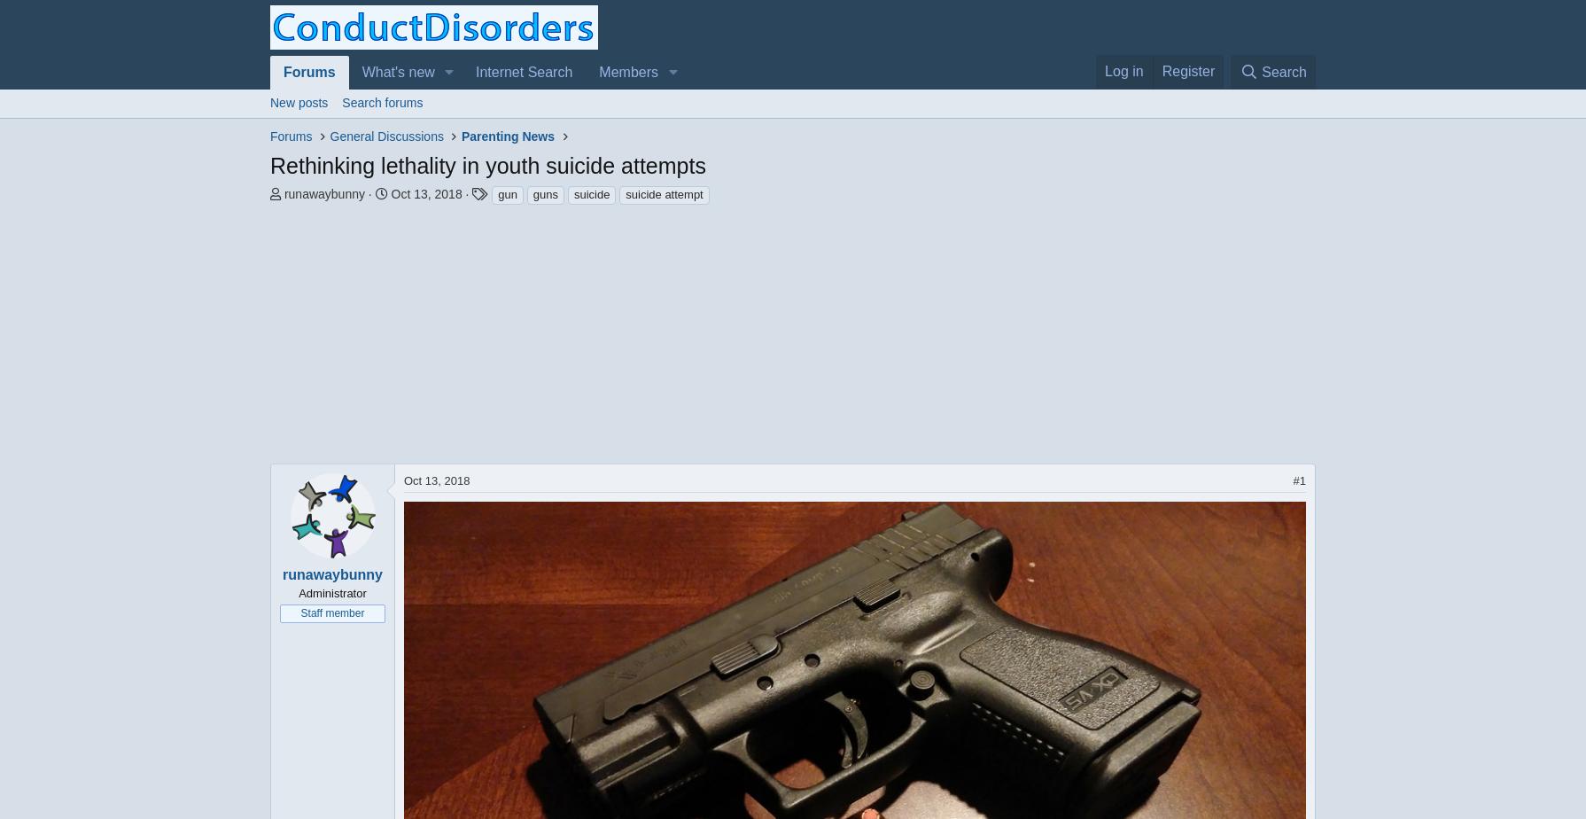 This screenshot has height=819, width=1586. What do you see at coordinates (386, 136) in the screenshot?
I see `'General Discussions'` at bounding box center [386, 136].